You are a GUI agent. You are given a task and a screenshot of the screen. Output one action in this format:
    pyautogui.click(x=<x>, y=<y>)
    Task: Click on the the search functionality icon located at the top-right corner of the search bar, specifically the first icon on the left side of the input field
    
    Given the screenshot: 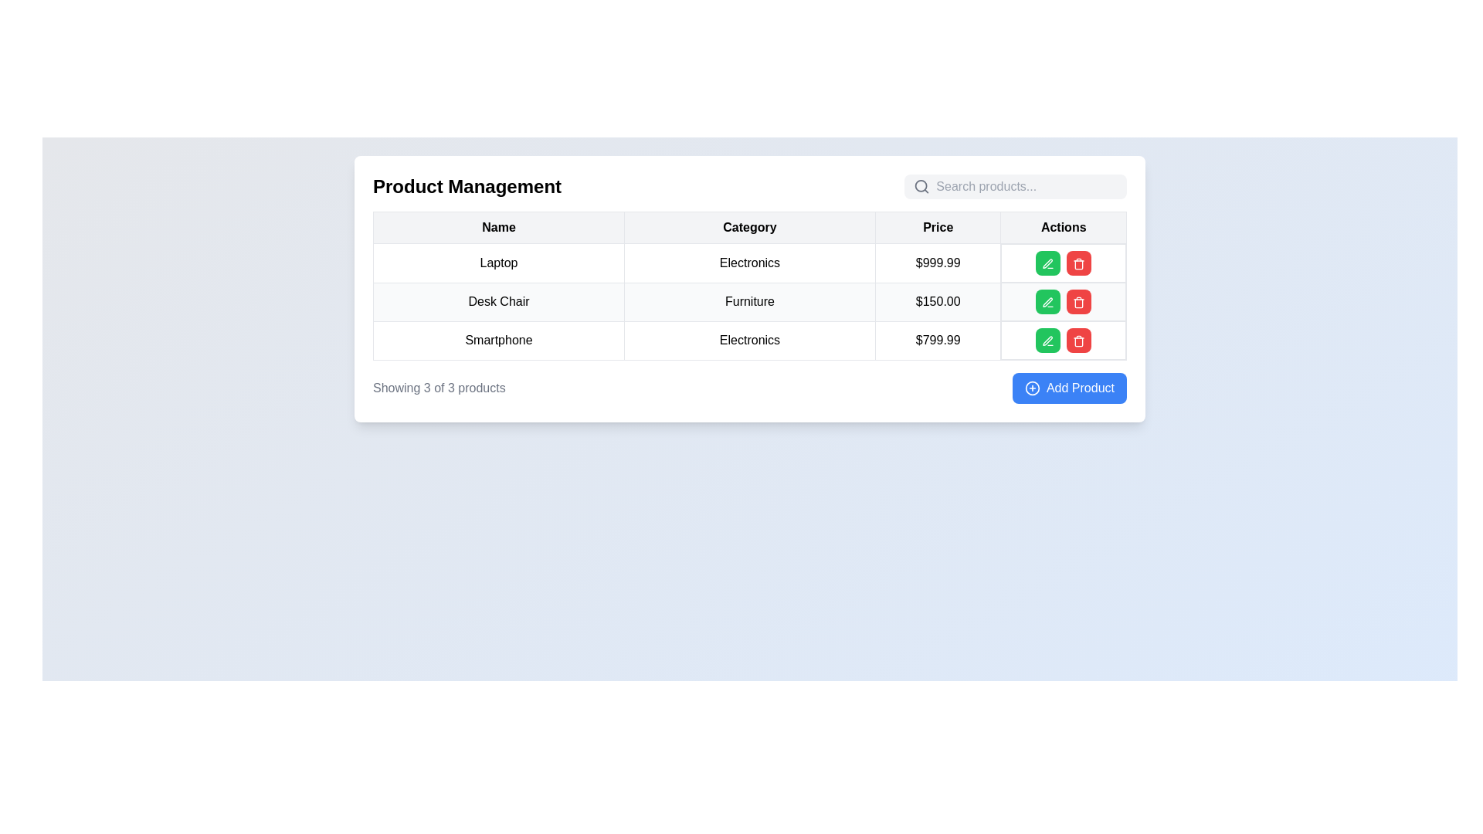 What is the action you would take?
    pyautogui.click(x=921, y=186)
    